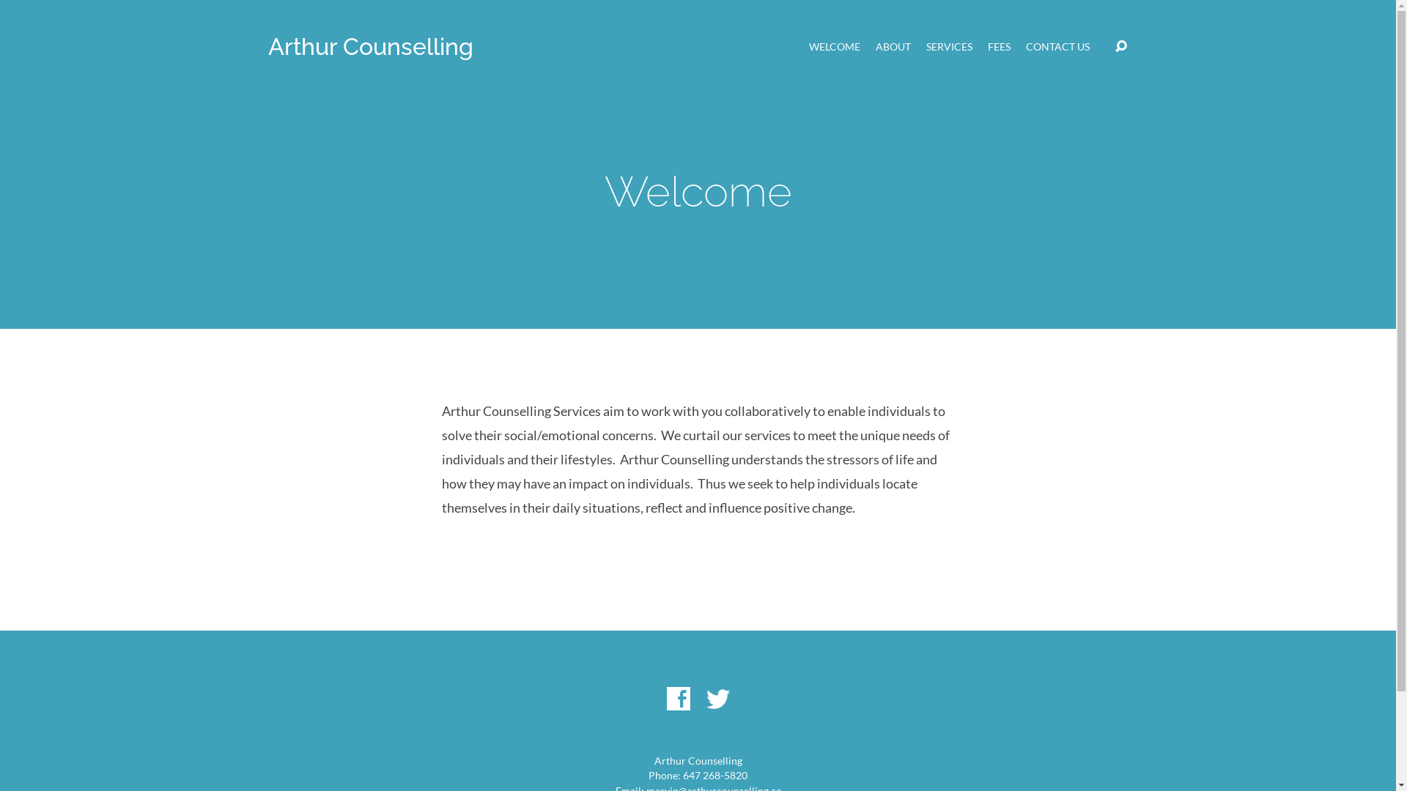  What do you see at coordinates (834, 46) in the screenshot?
I see `'WELCOME'` at bounding box center [834, 46].